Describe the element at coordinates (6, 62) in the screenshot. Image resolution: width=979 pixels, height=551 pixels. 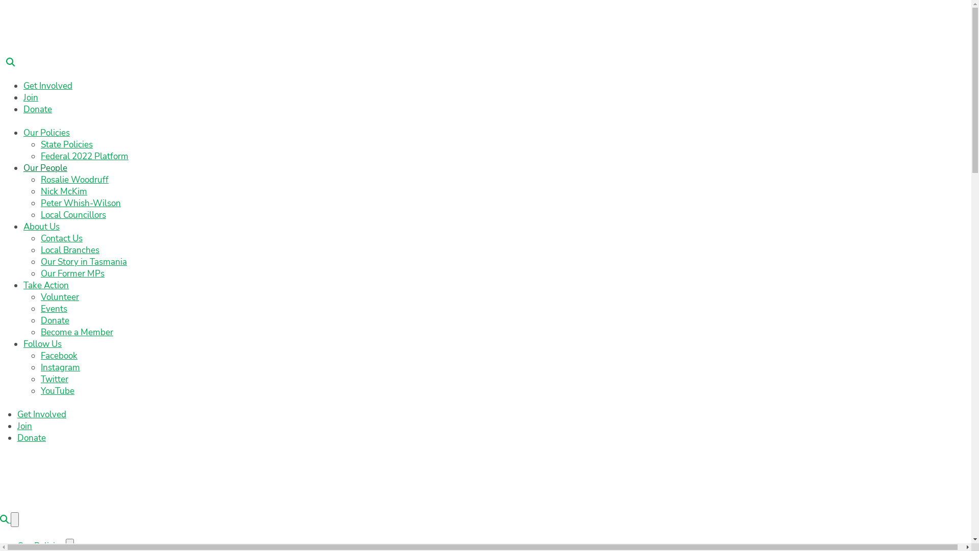
I see `'Search'` at that location.